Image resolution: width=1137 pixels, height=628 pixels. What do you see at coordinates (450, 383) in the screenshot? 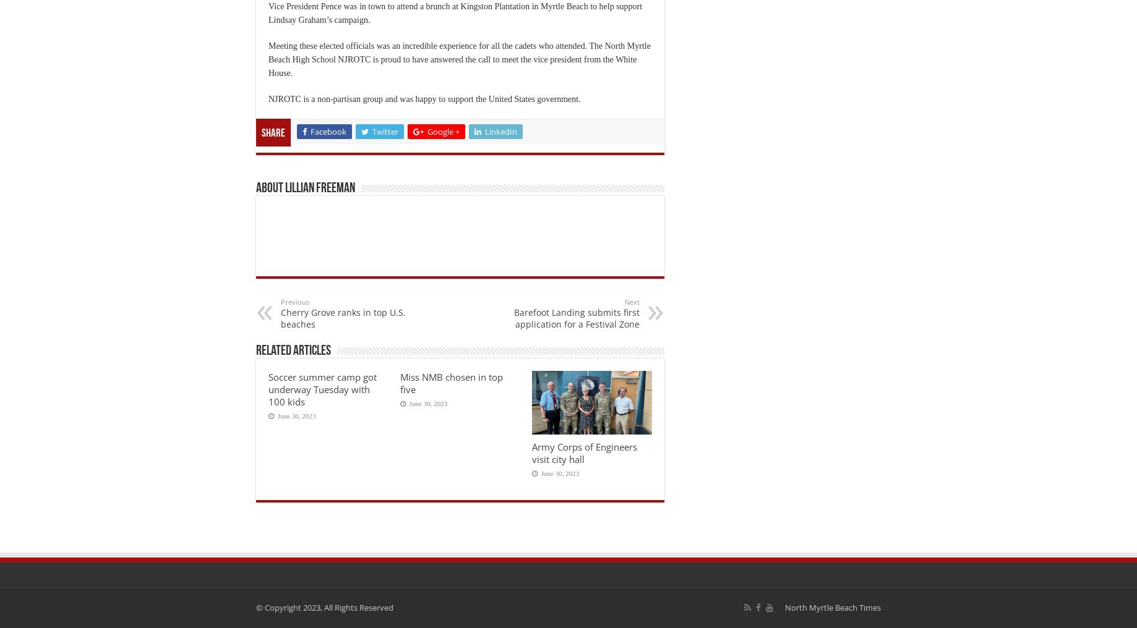
I see `'Miss NMB chosen in top five'` at bounding box center [450, 383].